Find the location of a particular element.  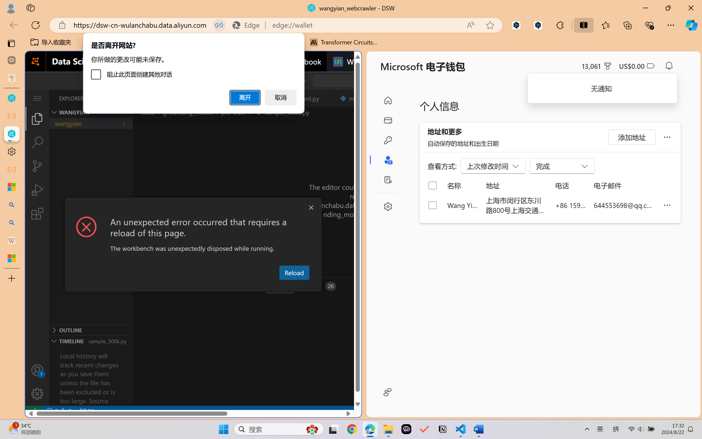

'Google Chrome' is located at coordinates (352, 429).